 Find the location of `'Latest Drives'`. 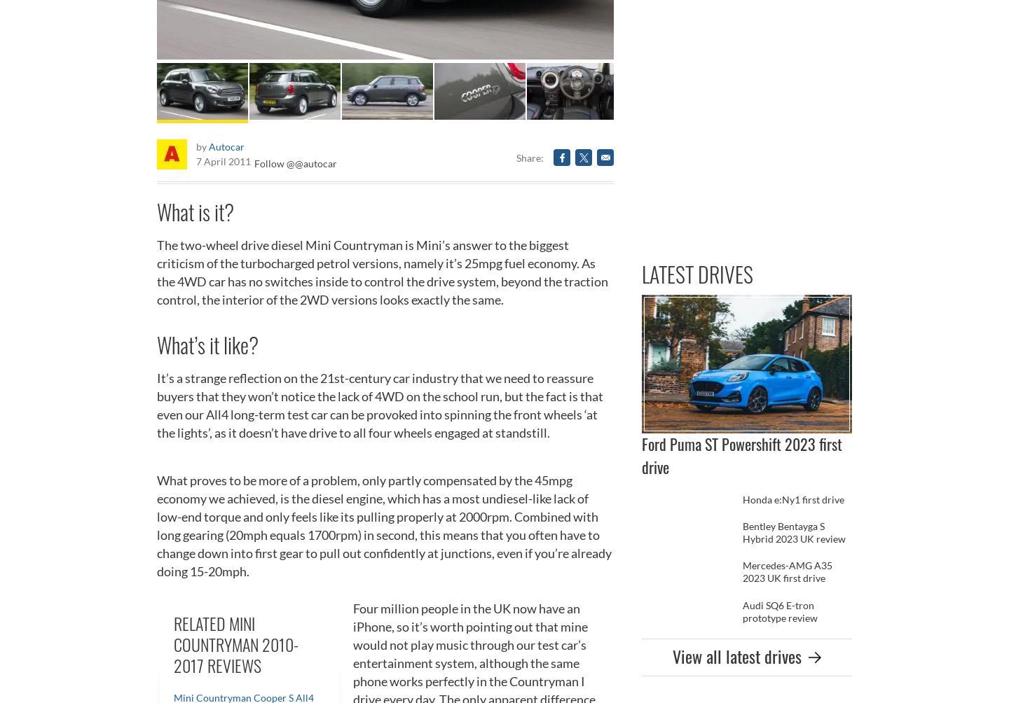

'Latest Drives' is located at coordinates (696, 273).